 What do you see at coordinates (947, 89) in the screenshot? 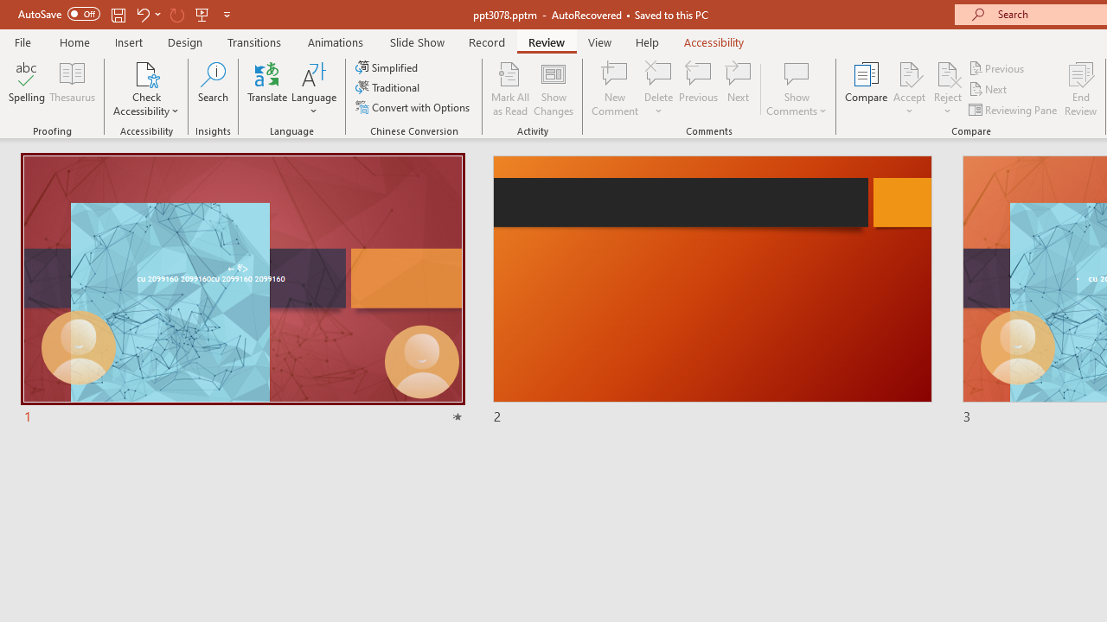
I see `'Reject'` at bounding box center [947, 89].